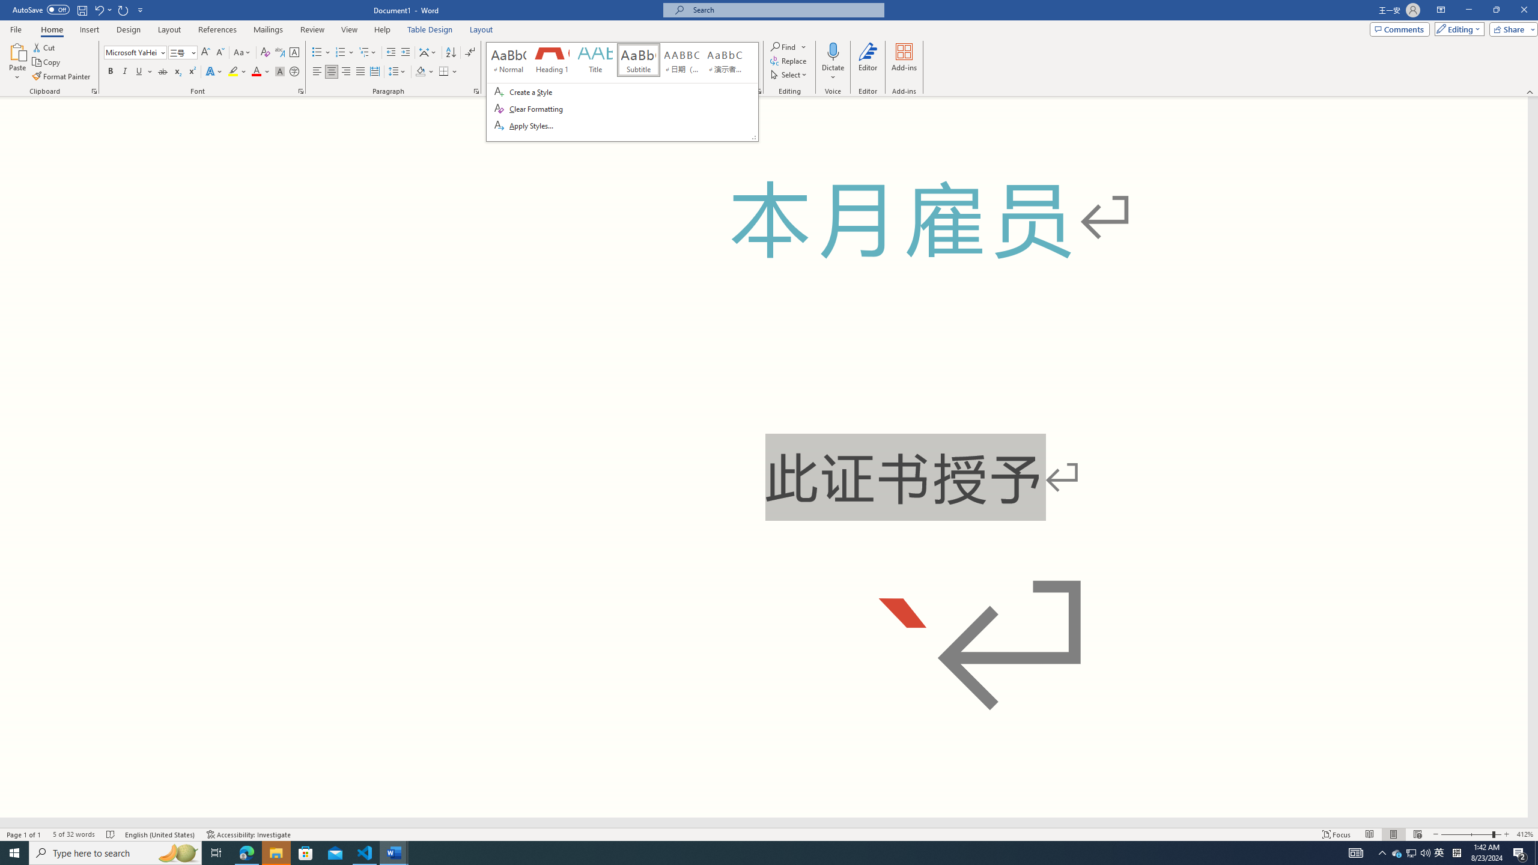 The width and height of the screenshot is (1538, 865). What do you see at coordinates (275, 852) in the screenshot?
I see `'File Explorer - 1 running window'` at bounding box center [275, 852].